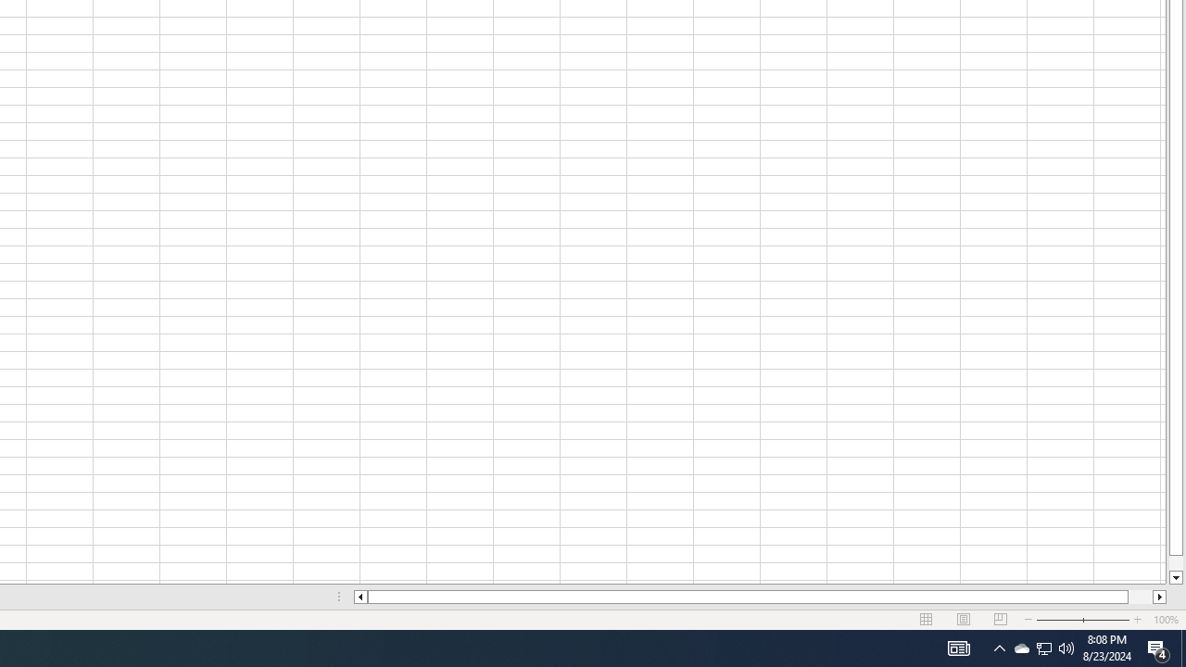  Describe the element at coordinates (760, 597) in the screenshot. I see `'Class: NetUIScrollBar'` at that location.